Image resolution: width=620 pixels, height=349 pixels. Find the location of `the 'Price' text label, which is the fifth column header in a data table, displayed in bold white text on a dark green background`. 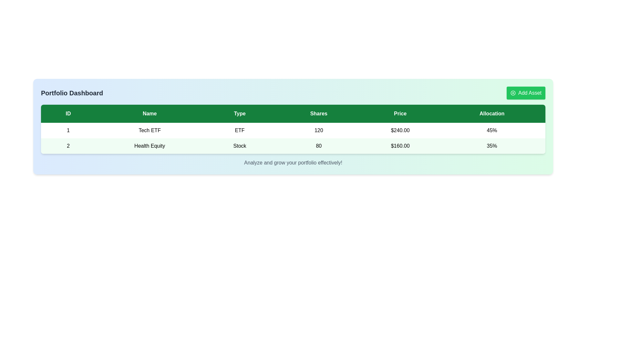

the 'Price' text label, which is the fifth column header in a data table, displayed in bold white text on a dark green background is located at coordinates (400, 113).